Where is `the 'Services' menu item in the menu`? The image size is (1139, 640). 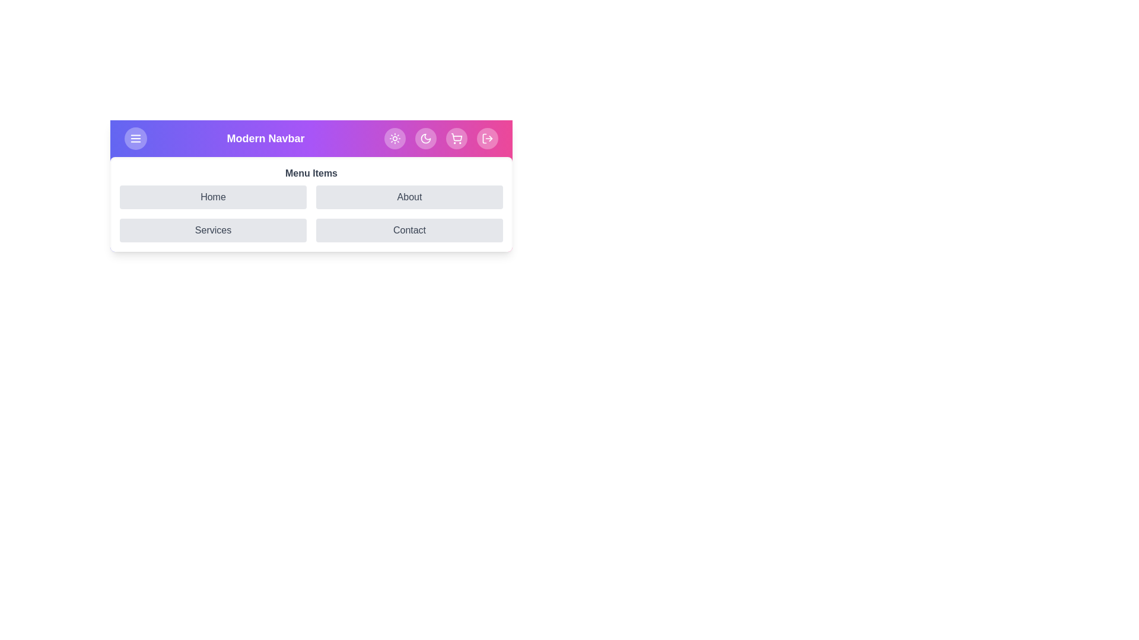 the 'Services' menu item in the menu is located at coordinates (213, 231).